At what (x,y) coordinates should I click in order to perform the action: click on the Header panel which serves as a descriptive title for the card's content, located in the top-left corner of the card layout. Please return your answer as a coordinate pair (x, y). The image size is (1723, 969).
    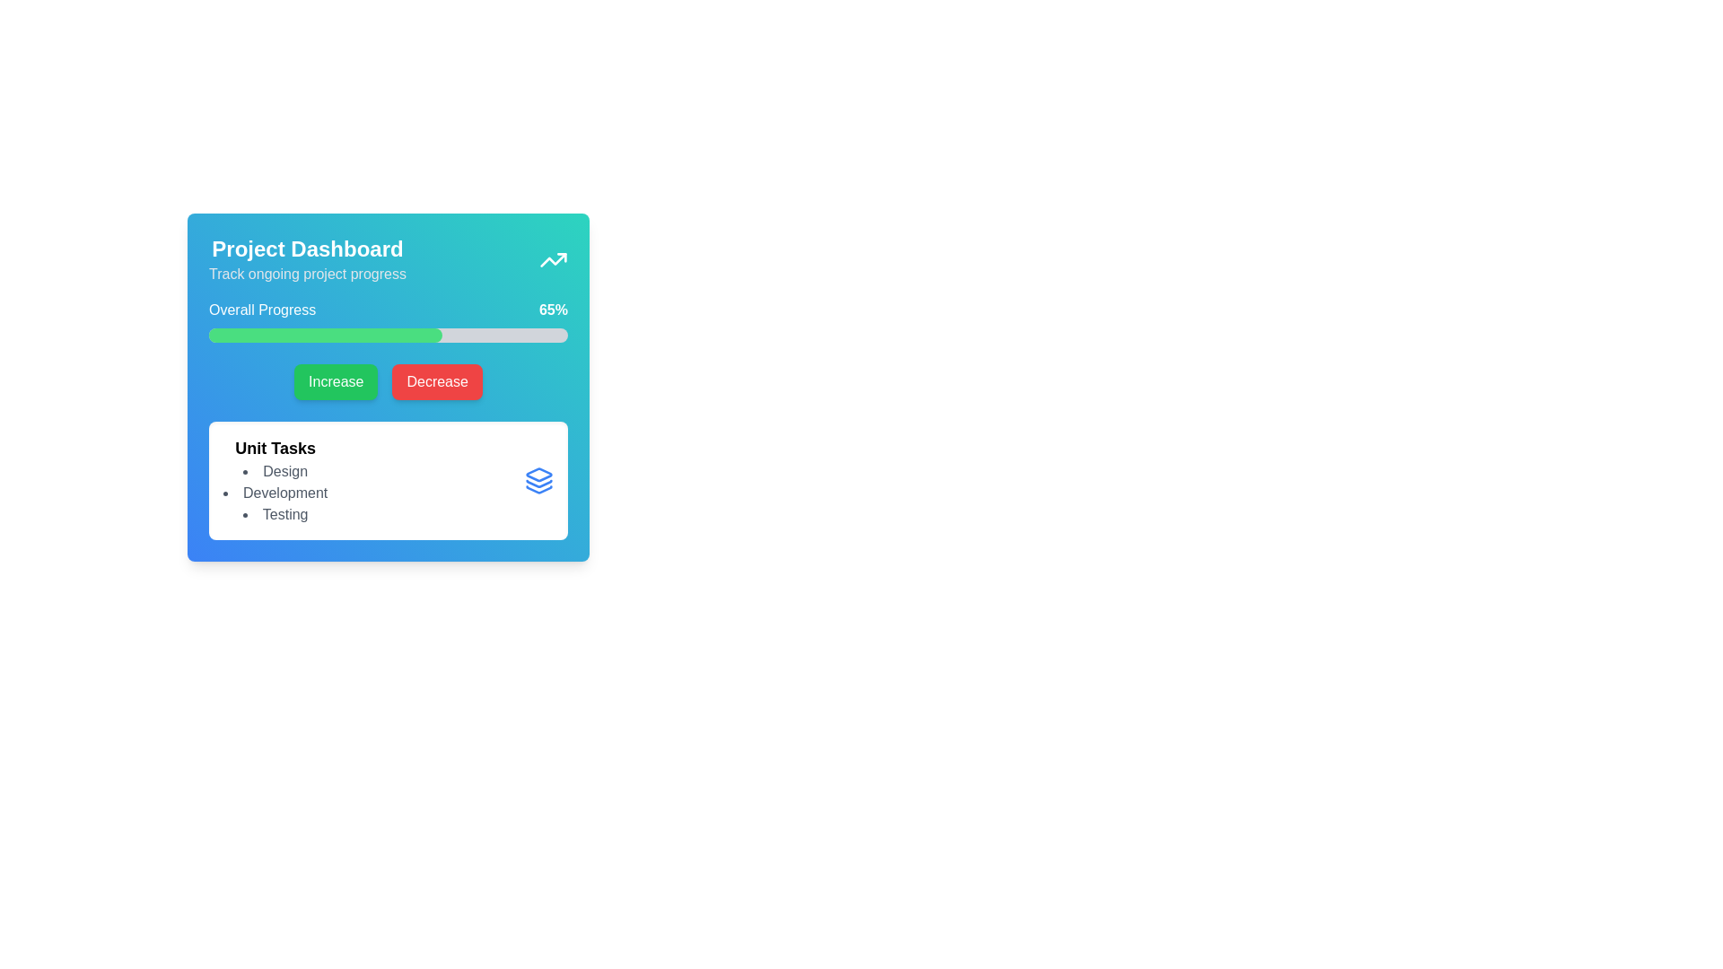
    Looking at the image, I should click on (387, 259).